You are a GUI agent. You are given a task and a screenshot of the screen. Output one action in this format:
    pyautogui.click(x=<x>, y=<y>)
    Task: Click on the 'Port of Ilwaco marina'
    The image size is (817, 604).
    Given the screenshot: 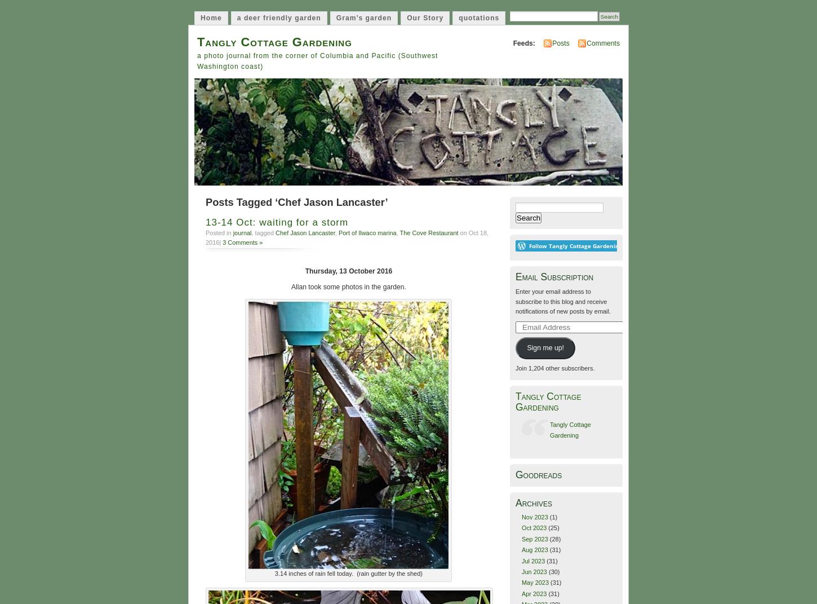 What is the action you would take?
    pyautogui.click(x=366, y=232)
    